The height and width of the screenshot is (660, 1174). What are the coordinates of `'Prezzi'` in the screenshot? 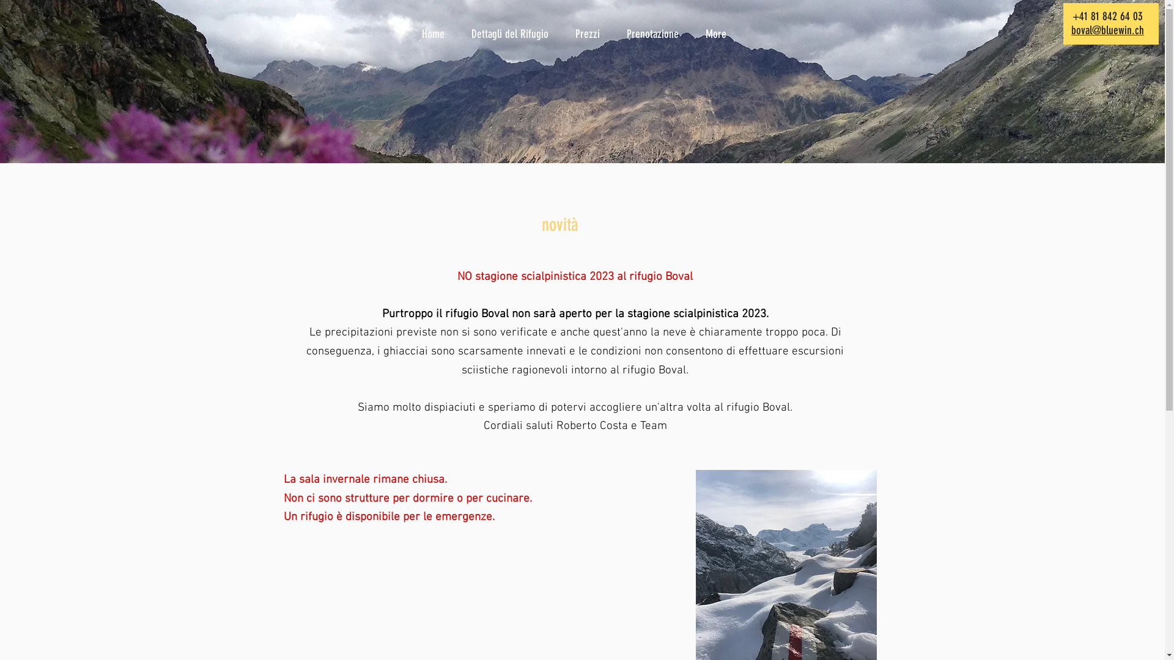 It's located at (592, 33).